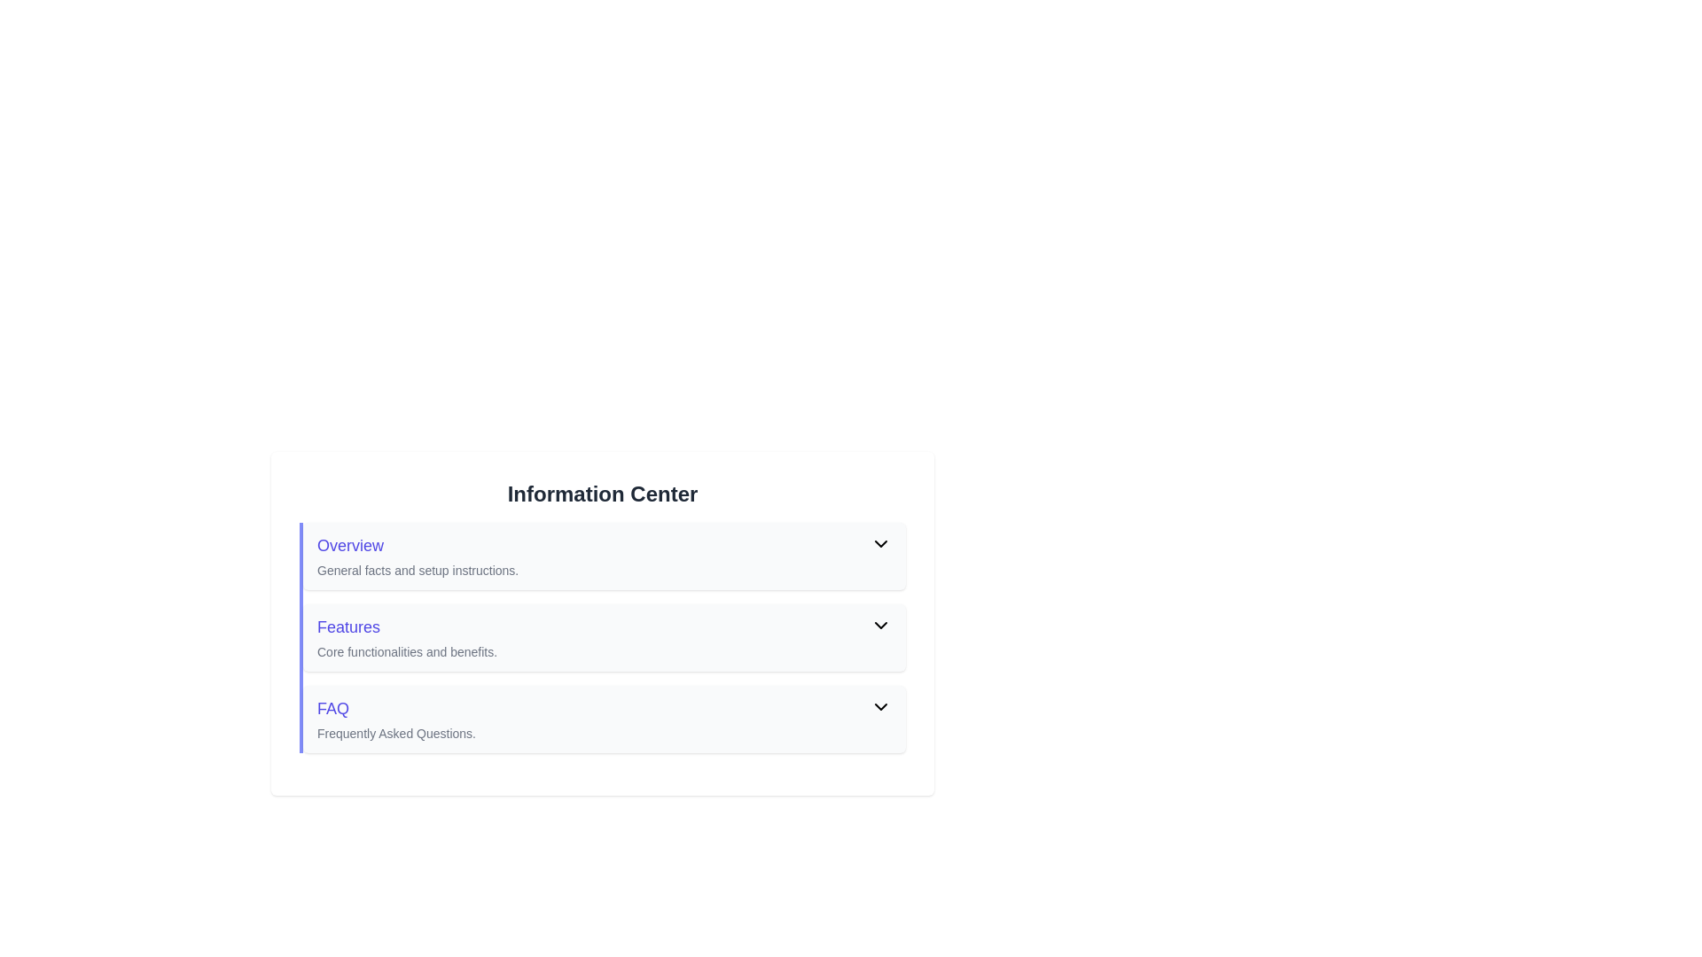 This screenshot has width=1702, height=957. I want to click on the 'Features' collapsible information section, which has a light gray background and a bold indigo title, so click(603, 638).